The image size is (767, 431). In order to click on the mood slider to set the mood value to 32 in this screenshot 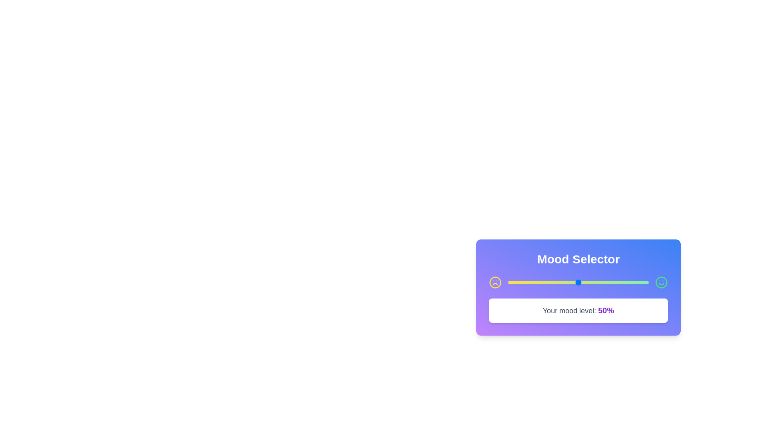, I will do `click(552, 282)`.